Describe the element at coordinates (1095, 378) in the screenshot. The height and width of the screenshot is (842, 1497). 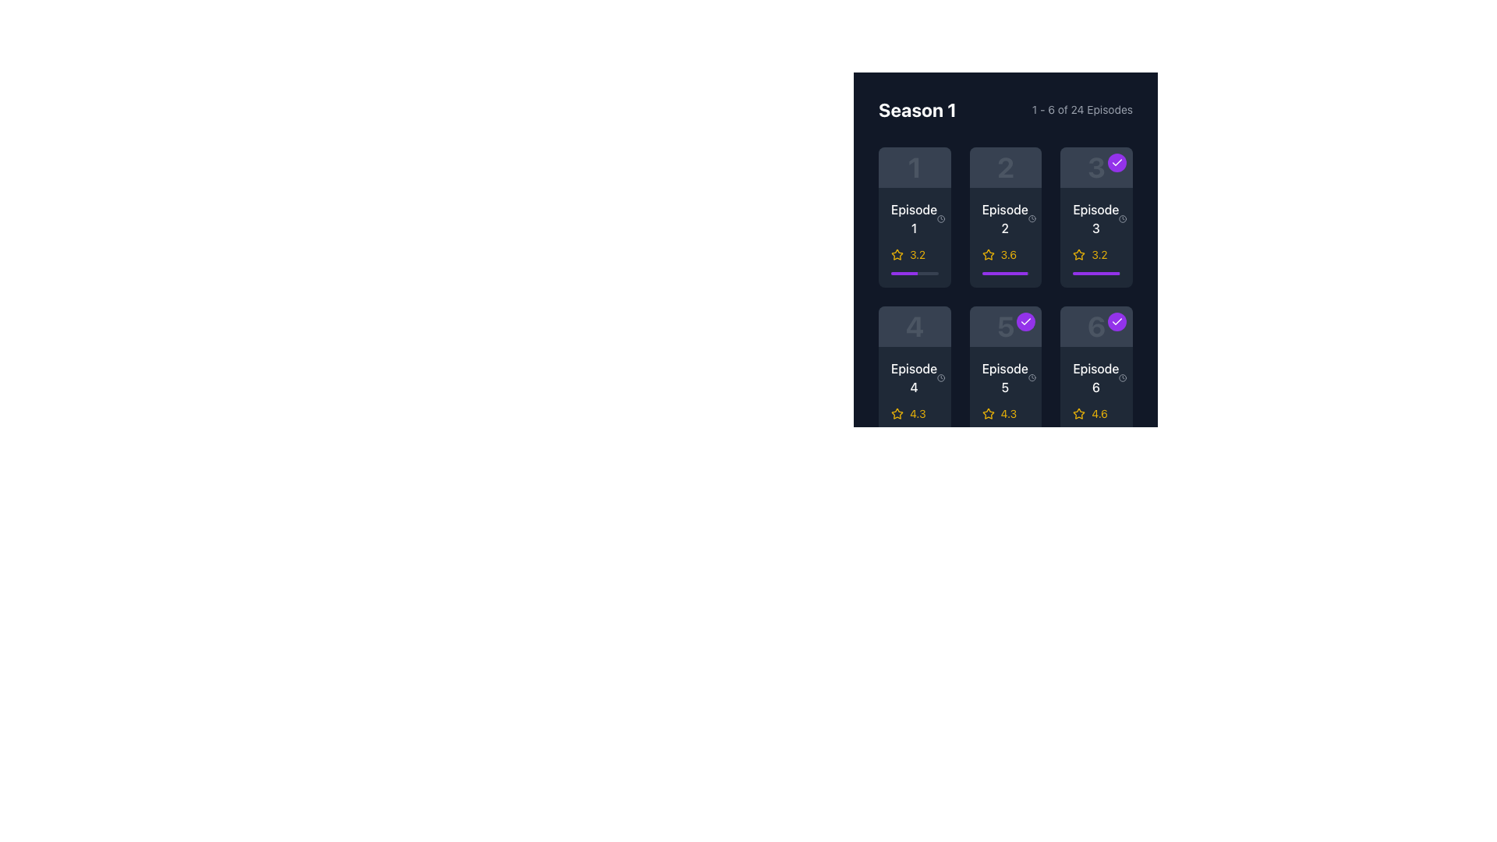
I see `the static text label displaying 'Episode 6' in bold white font, located at the bottom-right position within a grid layout of episode cards` at that location.